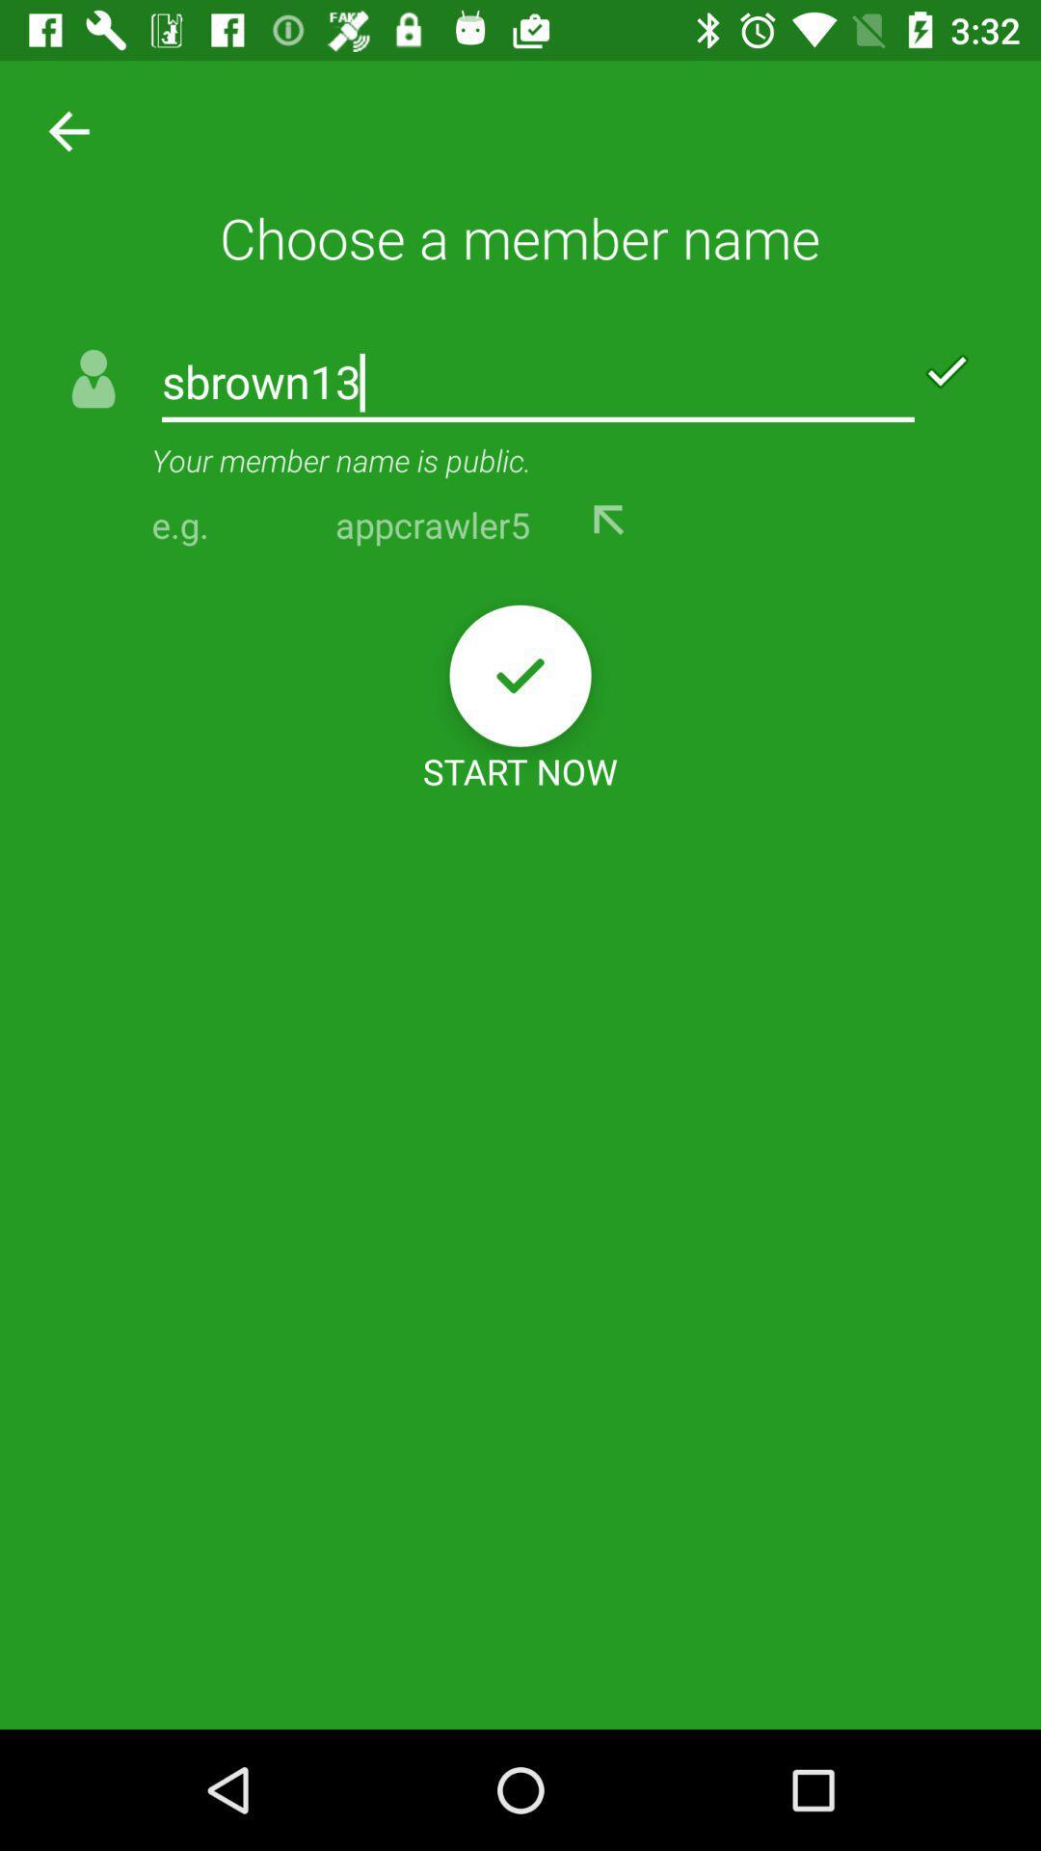 The image size is (1041, 1851). Describe the element at coordinates (538, 384) in the screenshot. I see `the sbrown13 item` at that location.